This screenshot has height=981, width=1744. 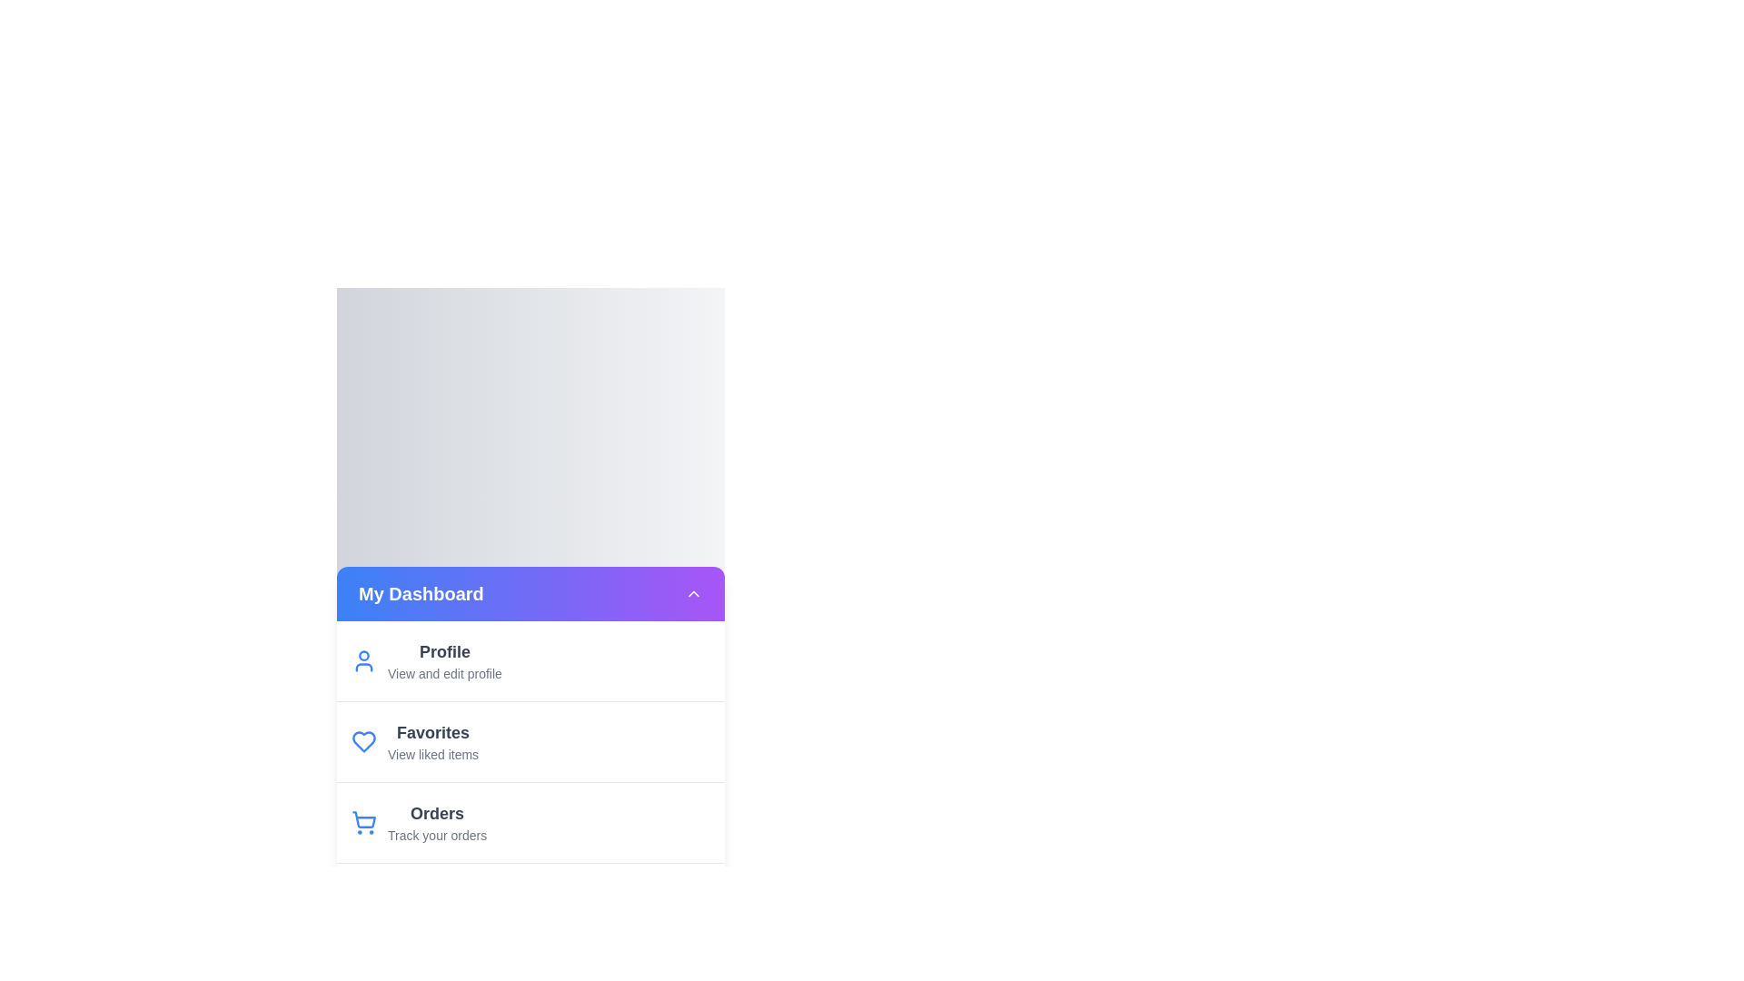 I want to click on the menu item labeled Profile, so click(x=530, y=660).